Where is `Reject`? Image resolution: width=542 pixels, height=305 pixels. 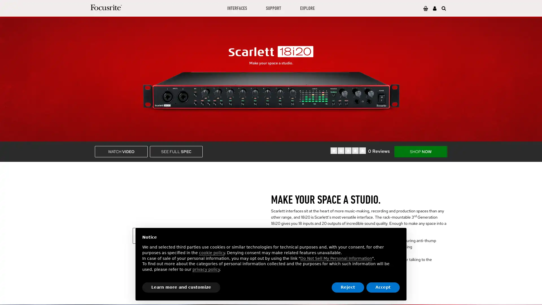
Reject is located at coordinates (348, 287).